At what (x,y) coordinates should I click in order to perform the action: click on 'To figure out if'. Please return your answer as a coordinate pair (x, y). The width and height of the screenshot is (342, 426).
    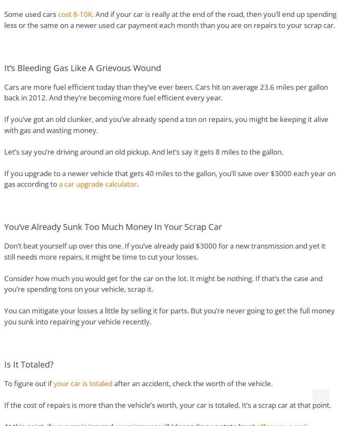
    Looking at the image, I should click on (29, 382).